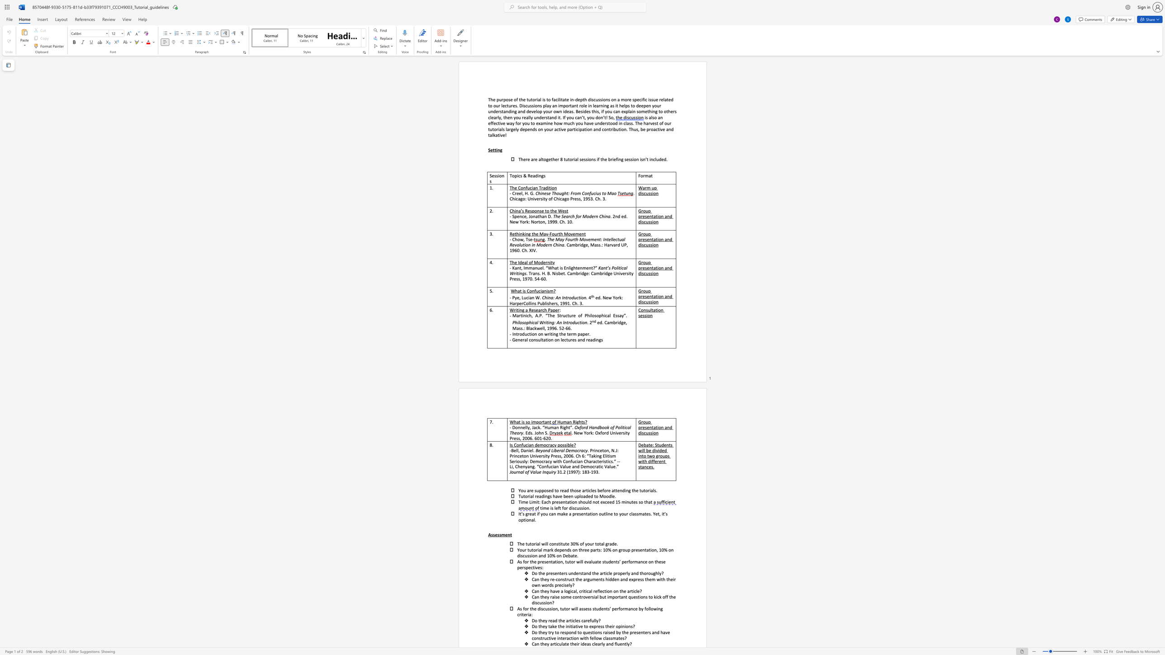  What do you see at coordinates (607, 591) in the screenshot?
I see `the subset text "on on" within the text "Can they have a logical, critical reflection on the article?"` at bounding box center [607, 591].